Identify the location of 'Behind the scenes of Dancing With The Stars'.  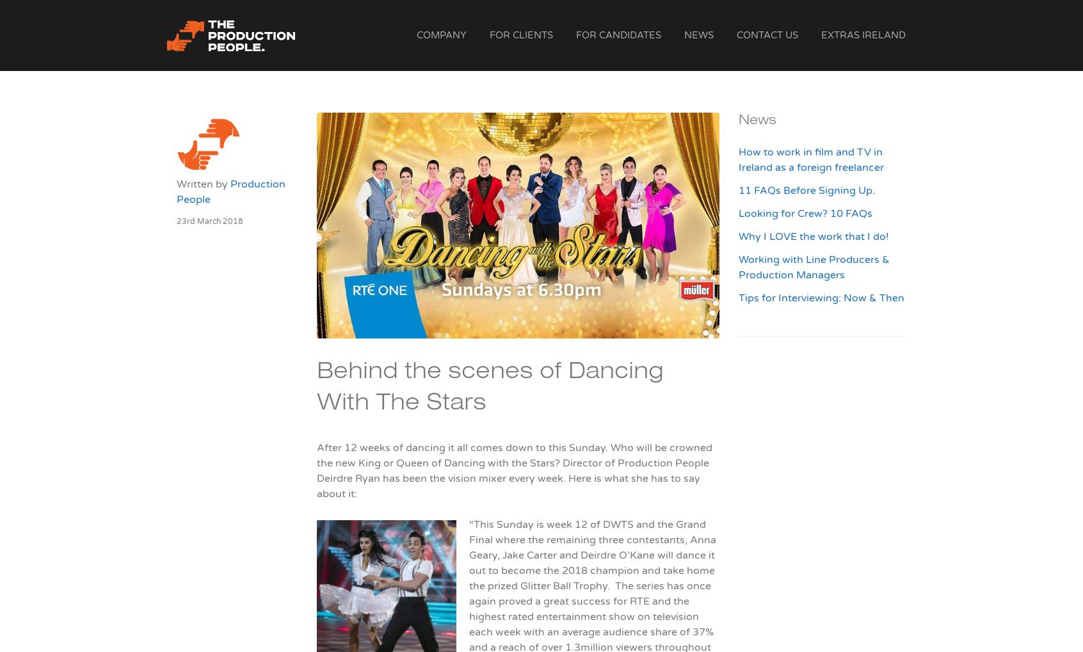
(489, 389).